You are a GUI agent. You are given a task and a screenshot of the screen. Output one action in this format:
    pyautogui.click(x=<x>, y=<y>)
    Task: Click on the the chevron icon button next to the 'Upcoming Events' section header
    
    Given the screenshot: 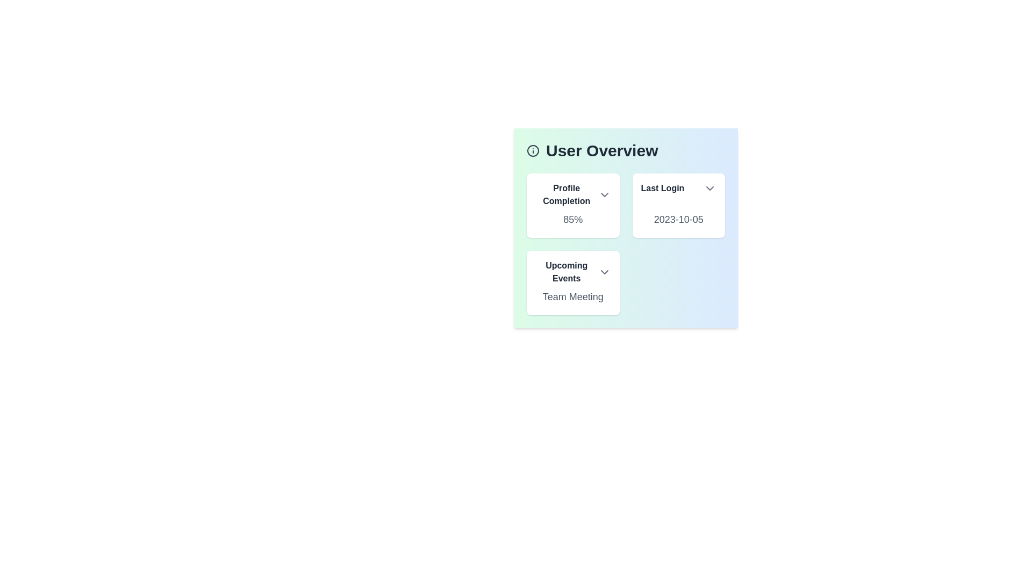 What is the action you would take?
    pyautogui.click(x=604, y=271)
    